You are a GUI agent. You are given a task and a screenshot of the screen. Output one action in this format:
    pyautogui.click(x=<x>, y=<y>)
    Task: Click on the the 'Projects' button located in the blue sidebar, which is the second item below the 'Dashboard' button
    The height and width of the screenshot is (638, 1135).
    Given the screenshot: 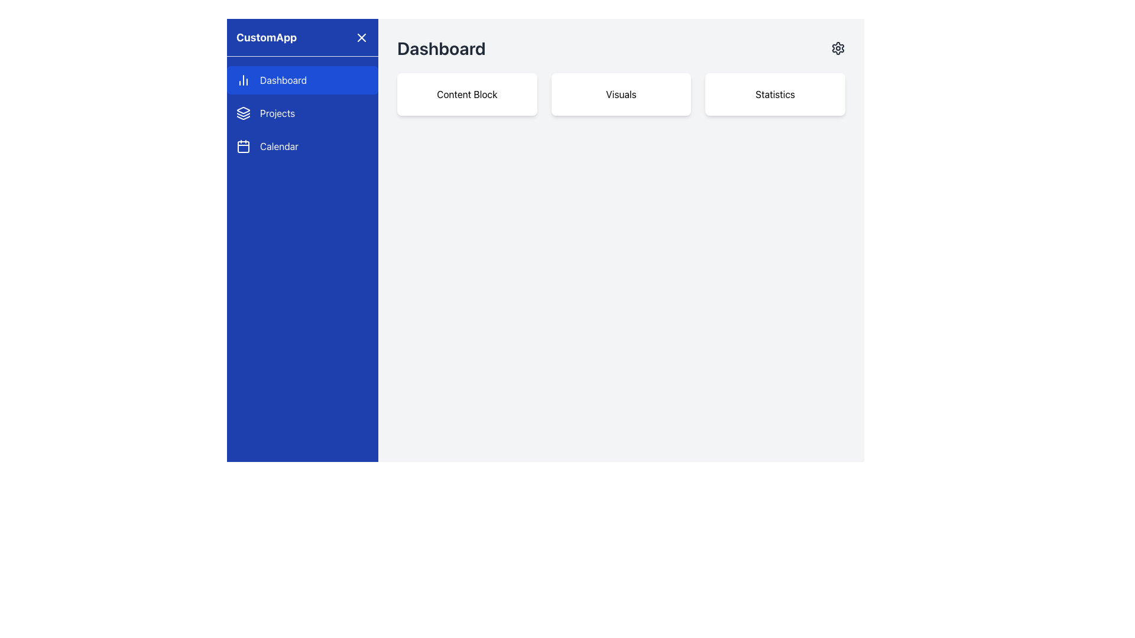 What is the action you would take?
    pyautogui.click(x=303, y=113)
    